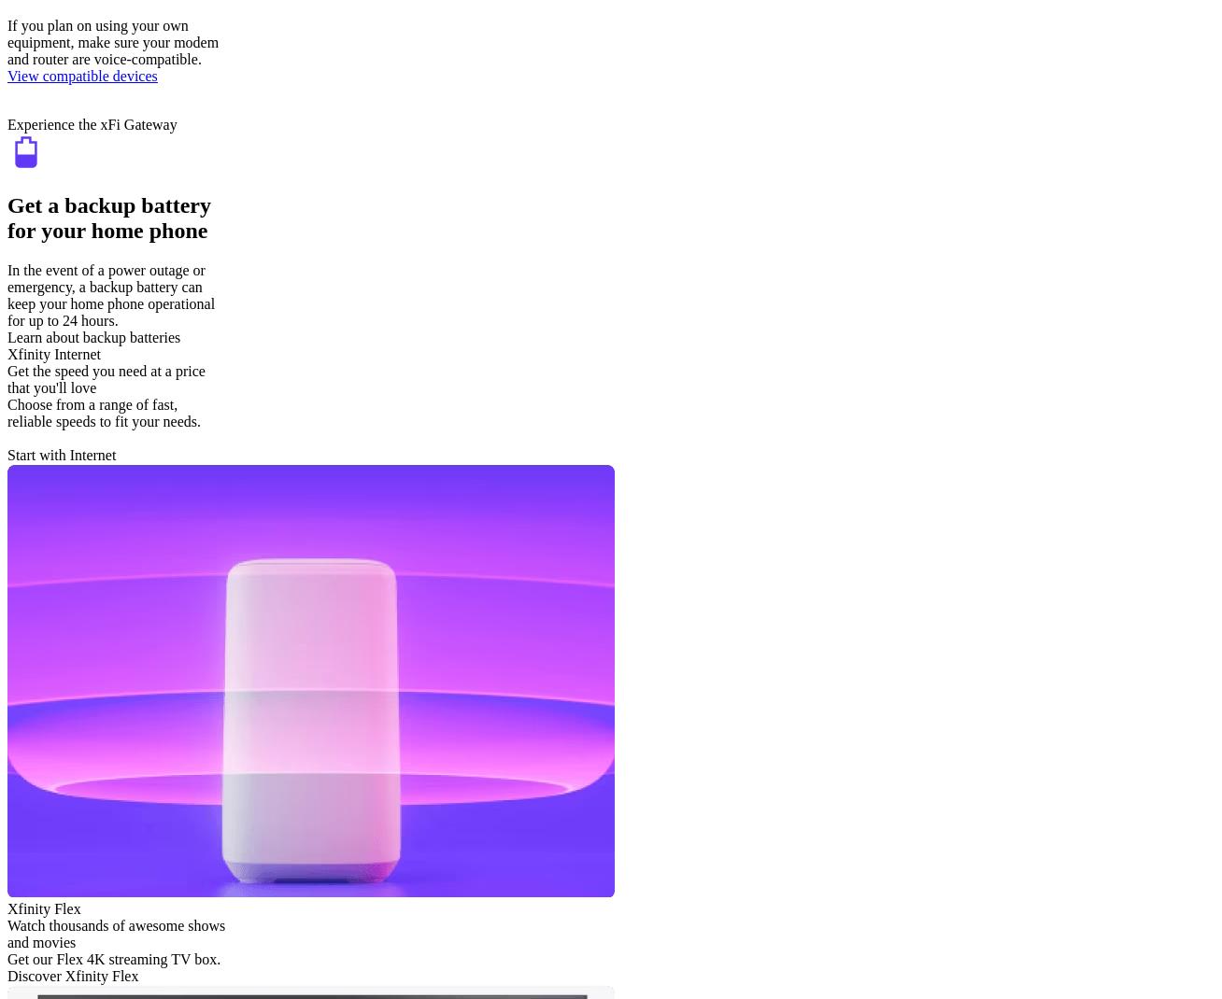 The height and width of the screenshot is (999, 1222). What do you see at coordinates (62, 454) in the screenshot?
I see `'Start with Internet'` at bounding box center [62, 454].